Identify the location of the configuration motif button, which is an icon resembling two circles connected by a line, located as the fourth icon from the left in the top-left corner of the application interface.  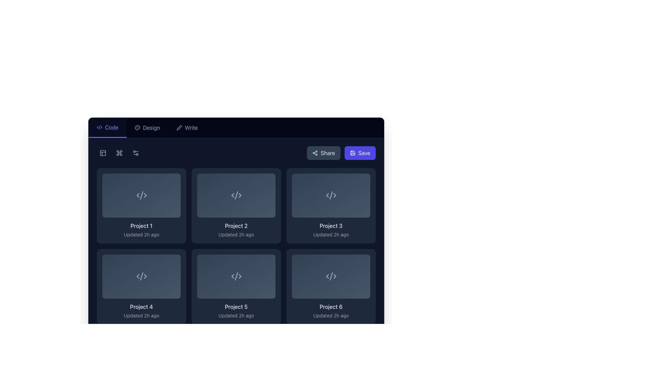
(136, 152).